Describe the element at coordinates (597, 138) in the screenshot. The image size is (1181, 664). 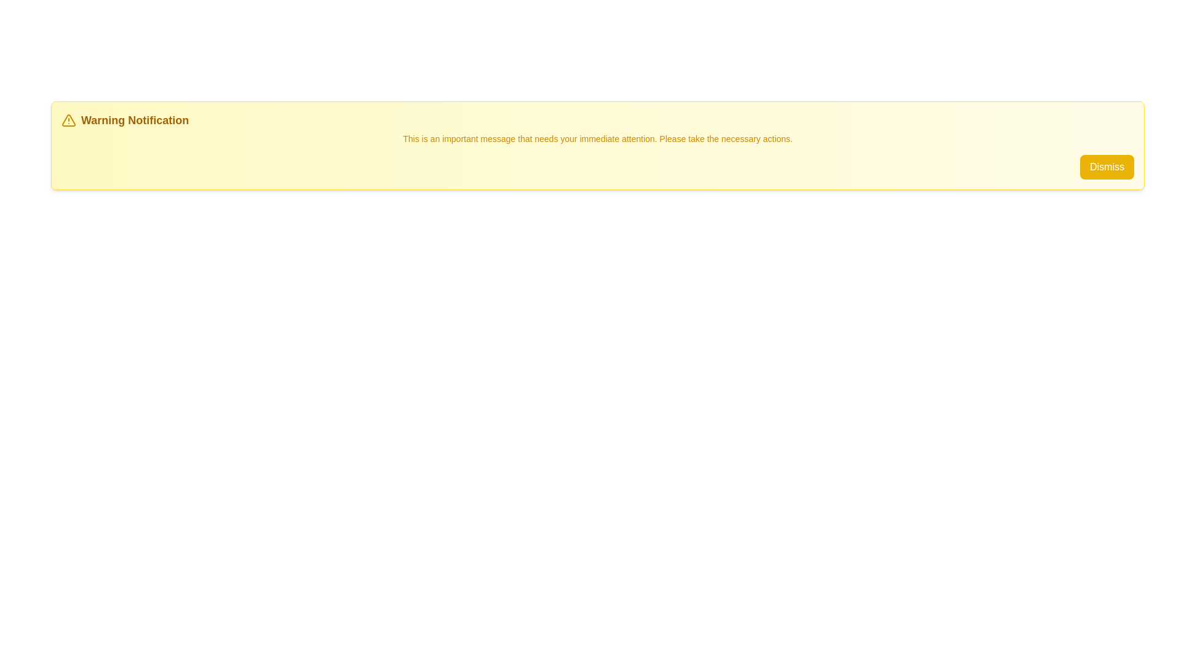
I see `the urgent message text content located in the warning notification panel, positioned beneath the title 'Warning Notification' and above the dismiss button` at that location.